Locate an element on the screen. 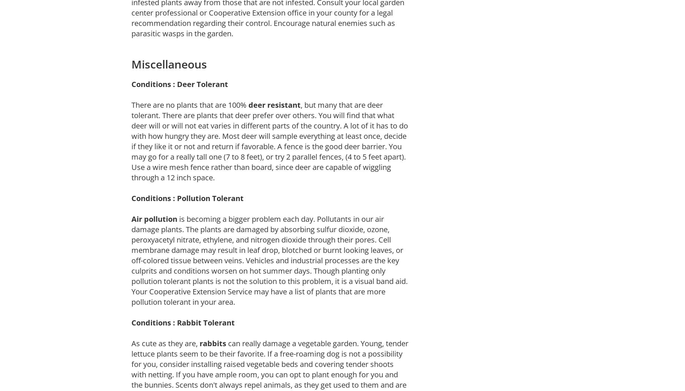 The image size is (685, 391). 'As cute as they are,' is located at coordinates (165, 343).